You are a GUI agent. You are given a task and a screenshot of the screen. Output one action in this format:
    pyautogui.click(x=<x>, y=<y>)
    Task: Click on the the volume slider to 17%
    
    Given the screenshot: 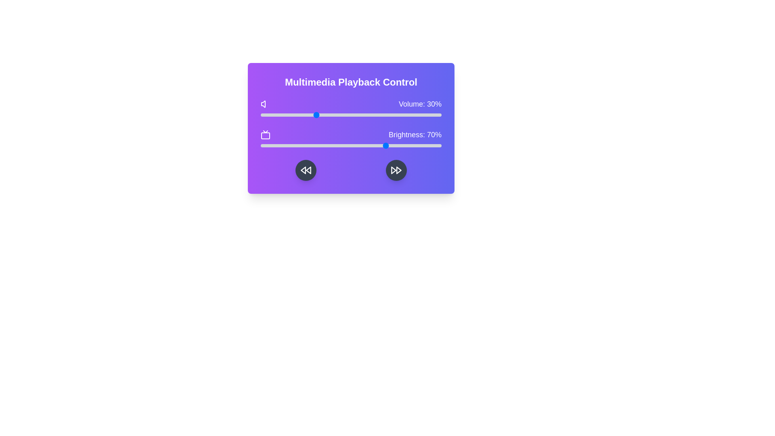 What is the action you would take?
    pyautogui.click(x=291, y=115)
    